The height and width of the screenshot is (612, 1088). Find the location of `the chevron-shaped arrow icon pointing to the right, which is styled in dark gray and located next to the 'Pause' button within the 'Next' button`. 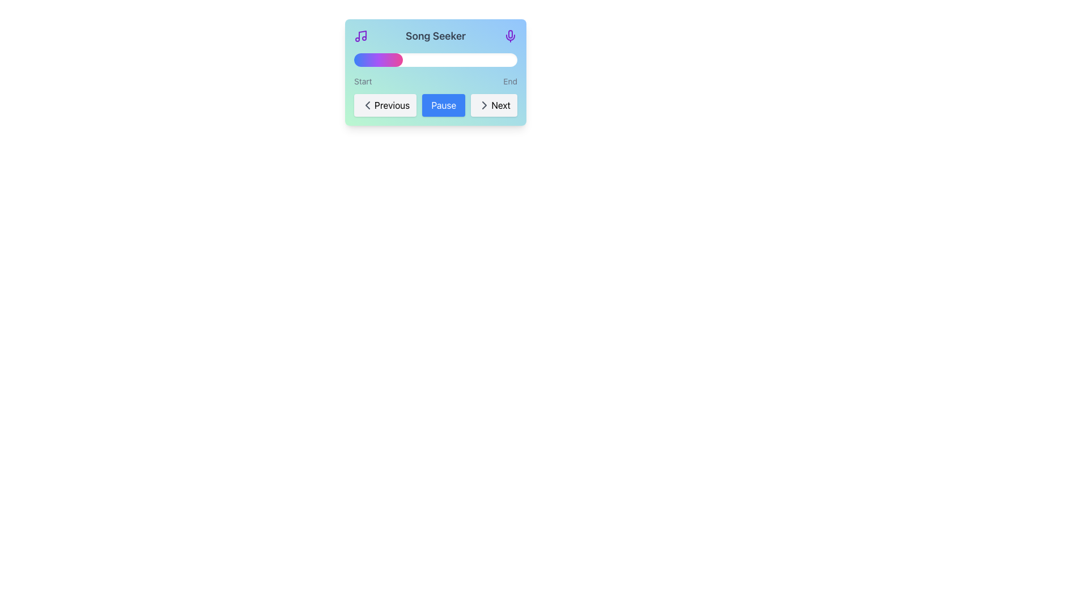

the chevron-shaped arrow icon pointing to the right, which is styled in dark gray and located next to the 'Pause' button within the 'Next' button is located at coordinates (484, 105).